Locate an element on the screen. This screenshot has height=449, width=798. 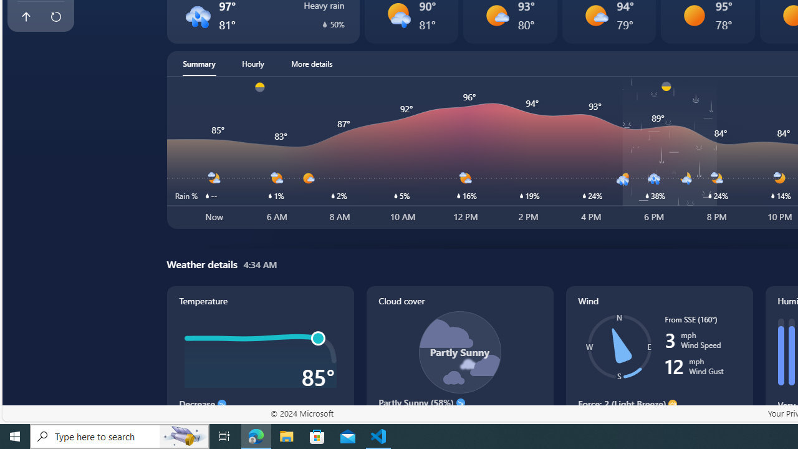
'Back to top' is located at coordinates (26, 17).